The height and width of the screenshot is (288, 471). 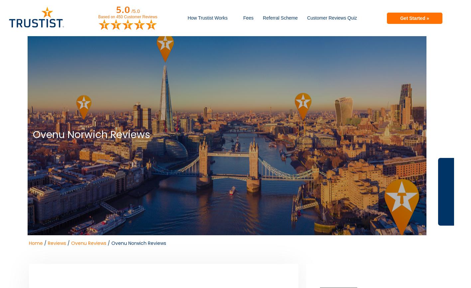 I want to click on '/5.0', so click(x=135, y=11).